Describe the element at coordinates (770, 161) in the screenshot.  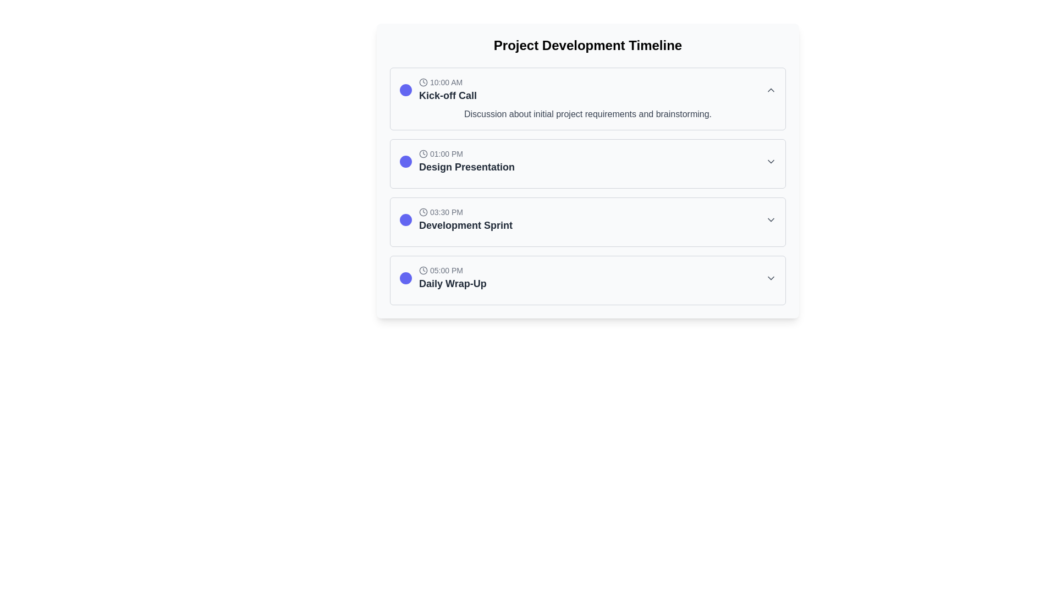
I see `the button to the far right of the '01:00 PM Design Presentation' section header` at that location.